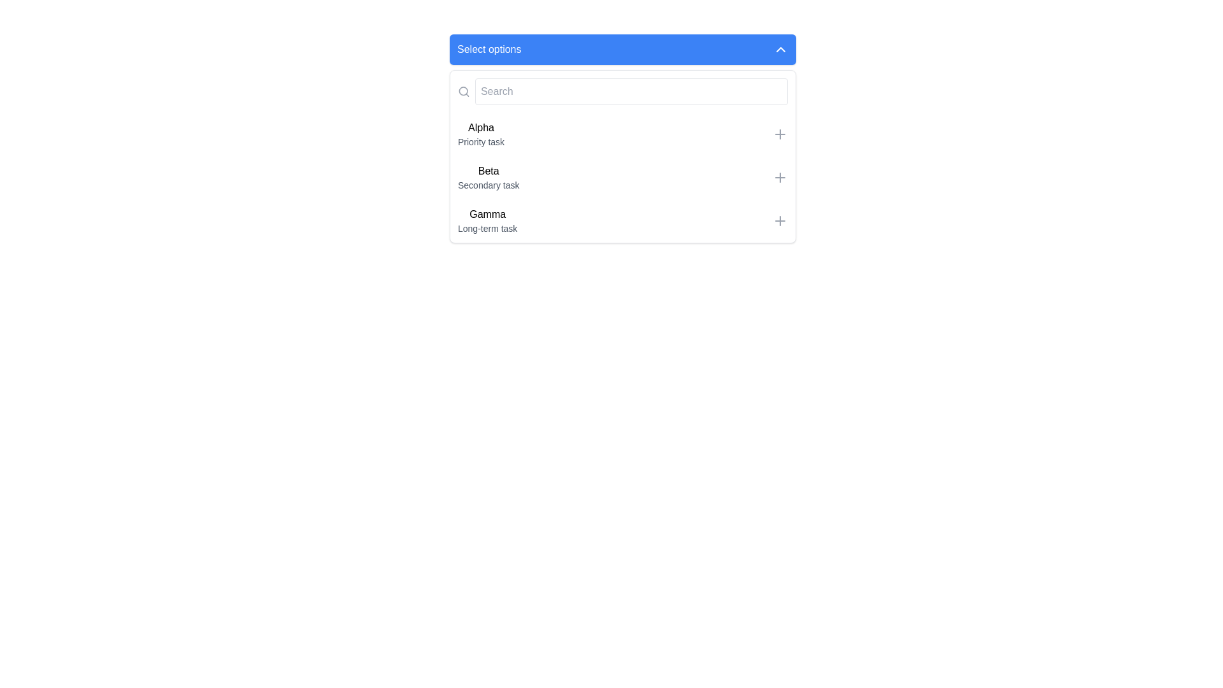  I want to click on the informational text label located below the 'Gamma' title in the dropdown menu, which provides additional context about the item 'Gamma', so click(487, 227).